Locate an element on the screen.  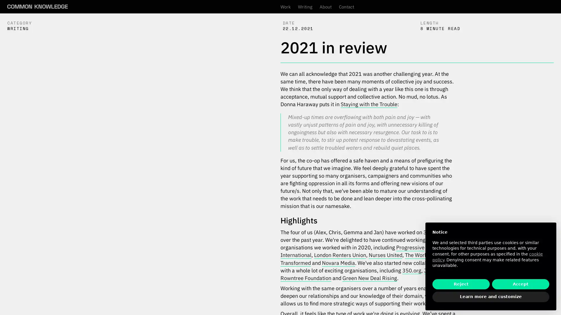
Accept is located at coordinates (520, 284).